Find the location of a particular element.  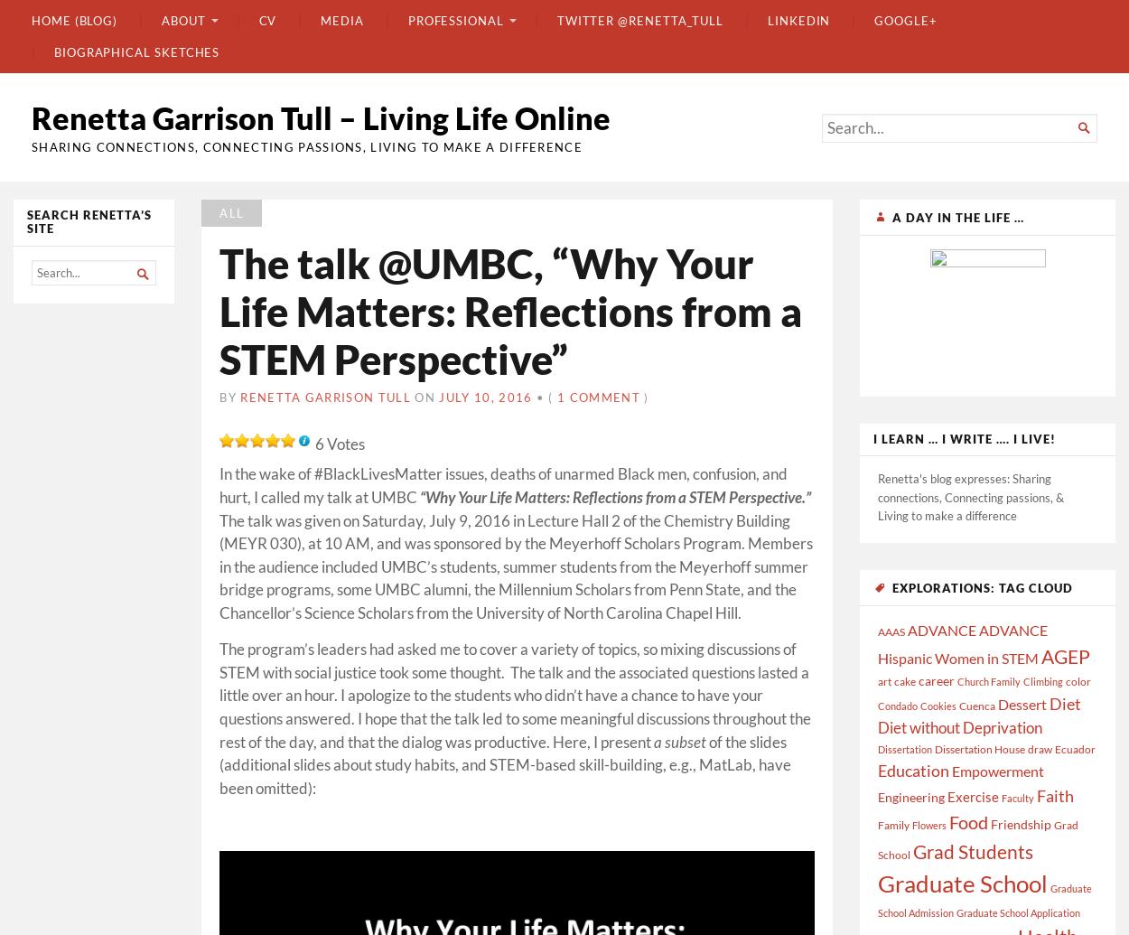

'Graduate School' is located at coordinates (962, 883).